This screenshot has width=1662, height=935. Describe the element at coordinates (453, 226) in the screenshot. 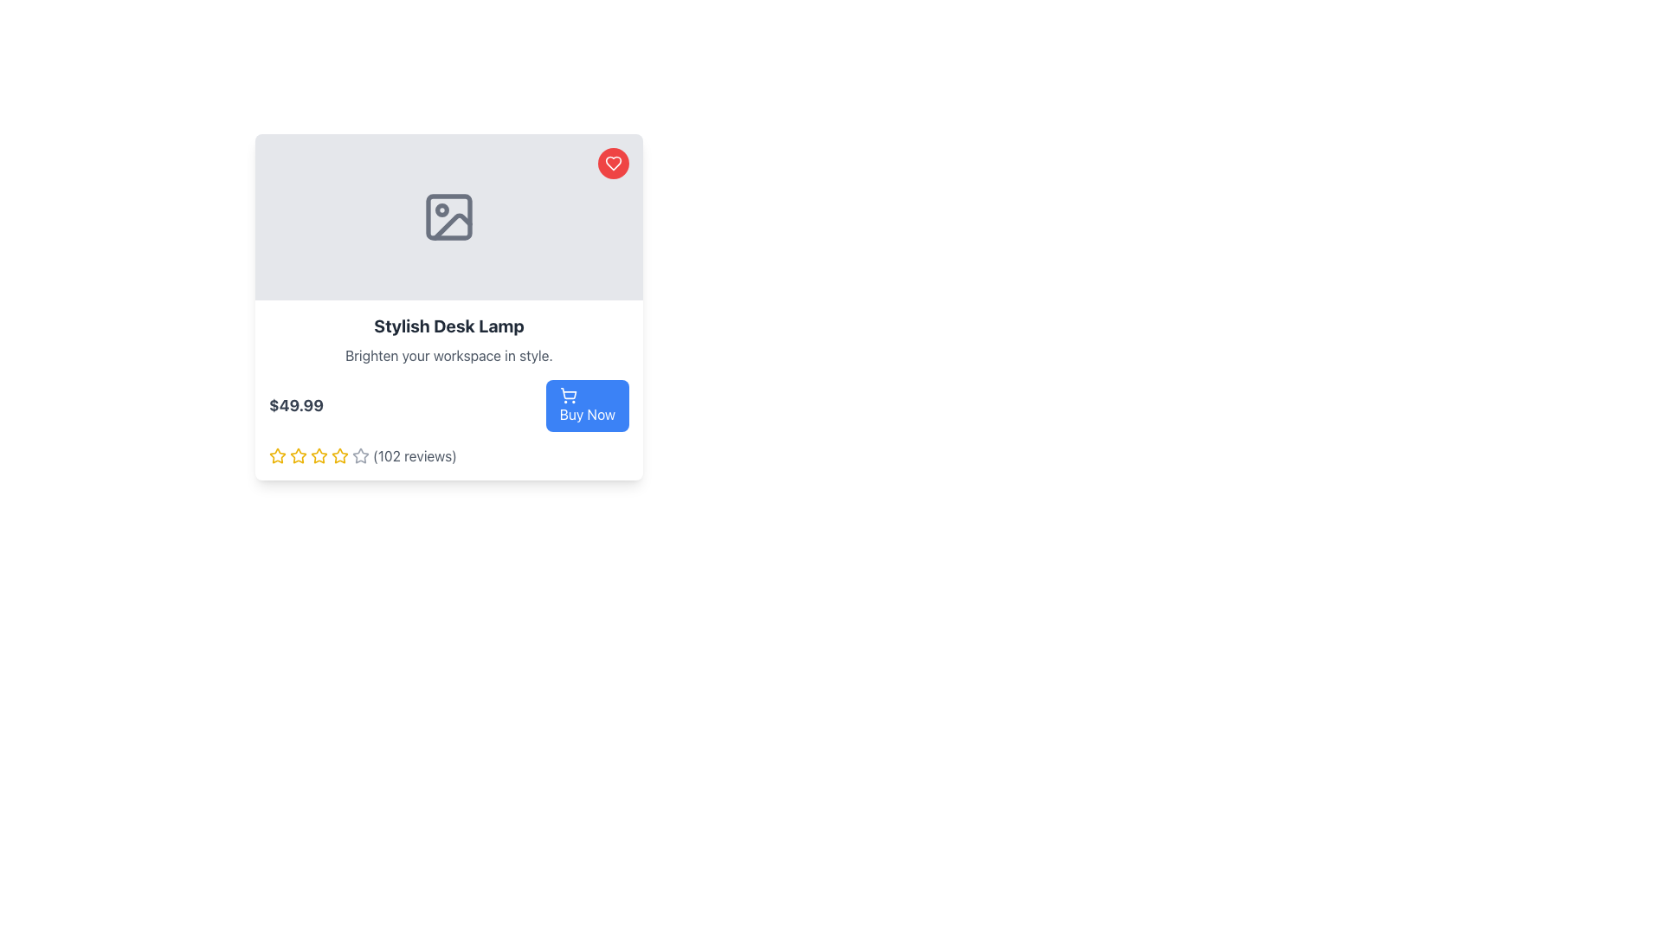

I see `diagonal line segment within the outlined square of the SVG image using developer tools` at that location.